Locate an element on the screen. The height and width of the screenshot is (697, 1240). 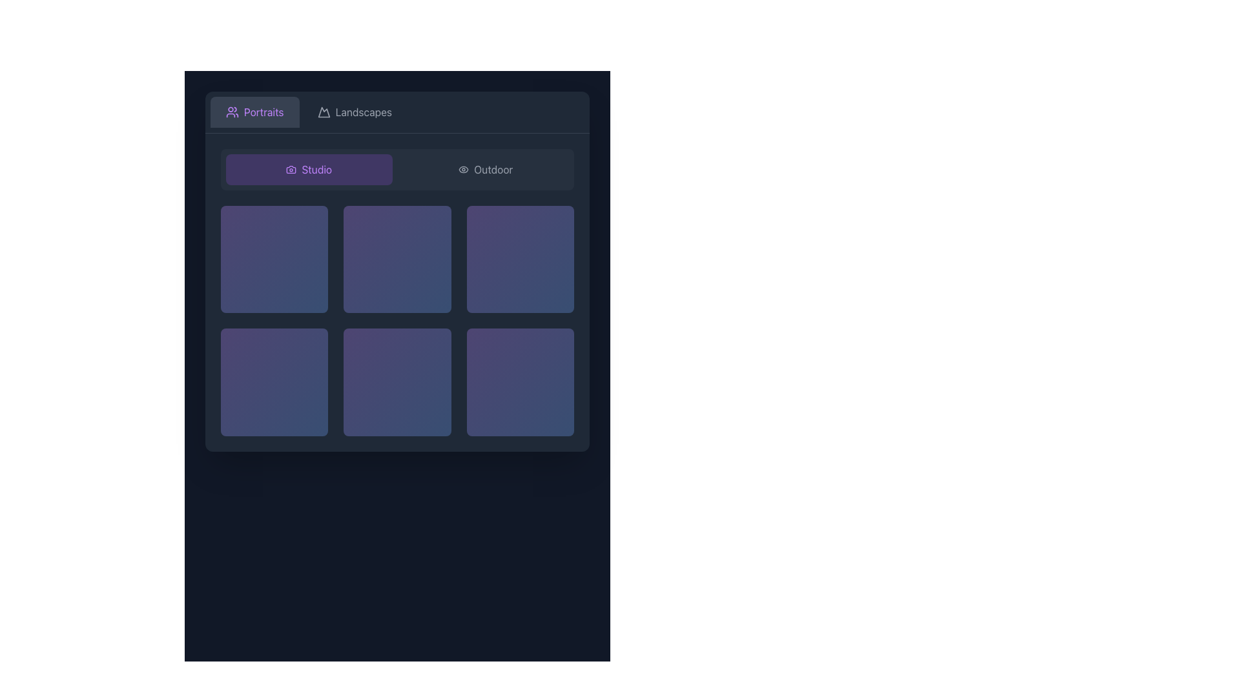
the small circular vector graphic element located in the bottom-right tile of the grid layout, which is styled with a thin stroke and no fill is located at coordinates (557, 419).